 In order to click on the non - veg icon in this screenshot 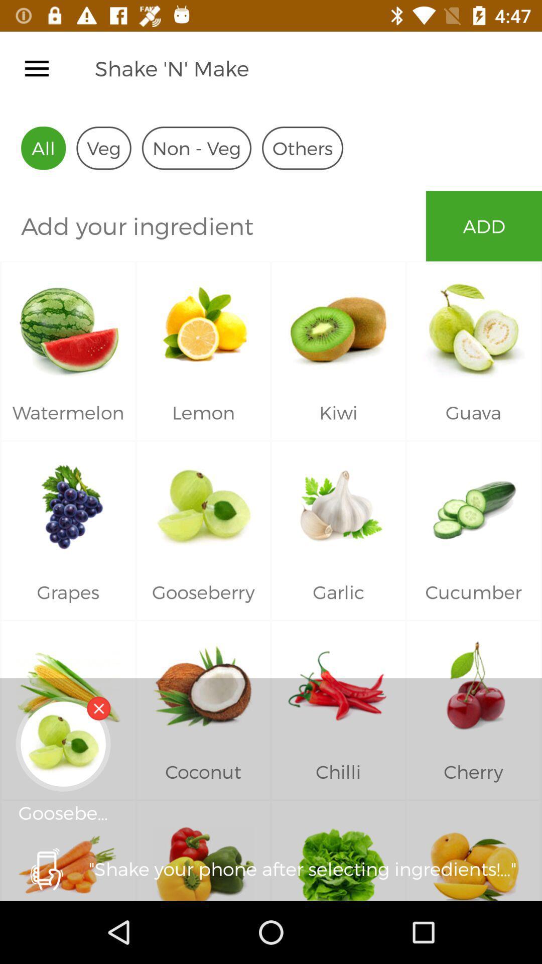, I will do `click(196, 148)`.